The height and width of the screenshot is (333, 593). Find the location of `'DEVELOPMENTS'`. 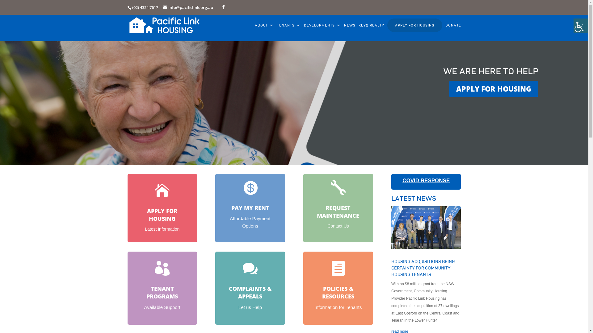

'DEVELOPMENTS' is located at coordinates (304, 32).